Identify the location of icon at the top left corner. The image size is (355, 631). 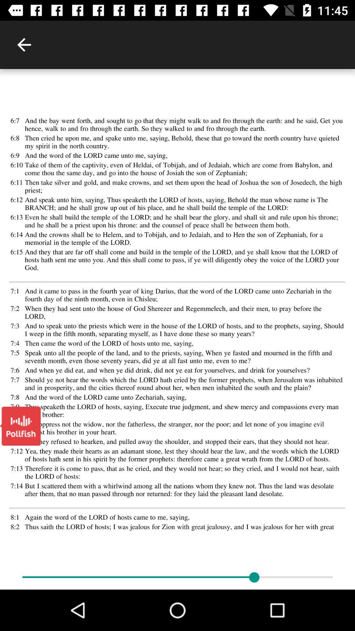
(24, 44).